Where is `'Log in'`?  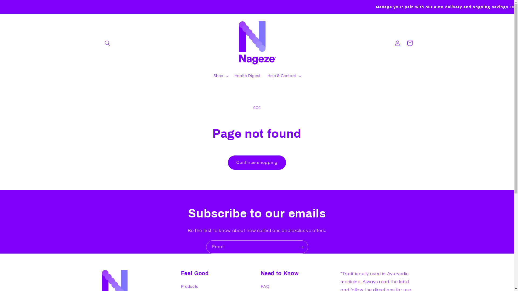 'Log in' is located at coordinates (397, 43).